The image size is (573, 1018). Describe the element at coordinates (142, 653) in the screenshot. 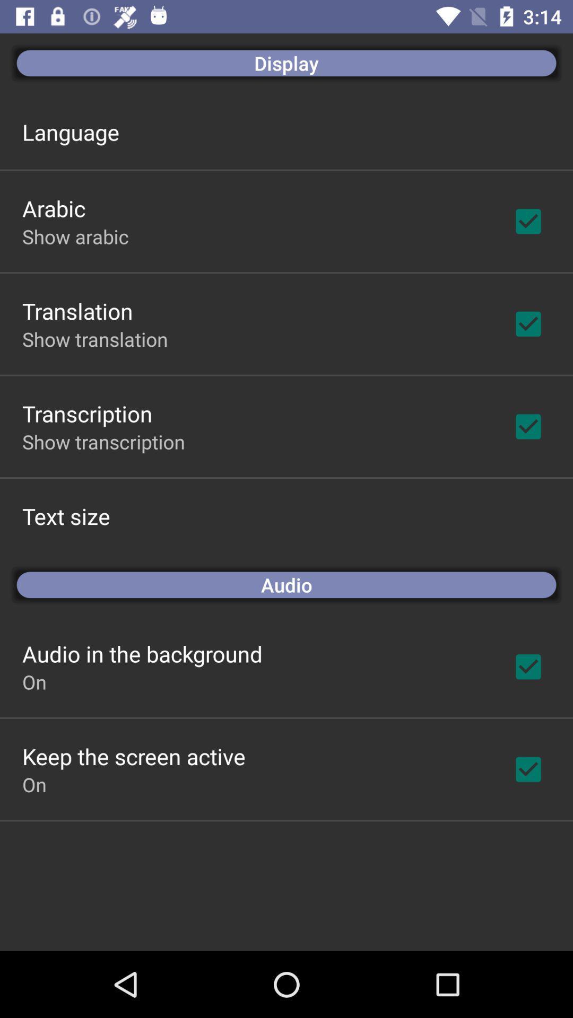

I see `the app below audio app` at that location.